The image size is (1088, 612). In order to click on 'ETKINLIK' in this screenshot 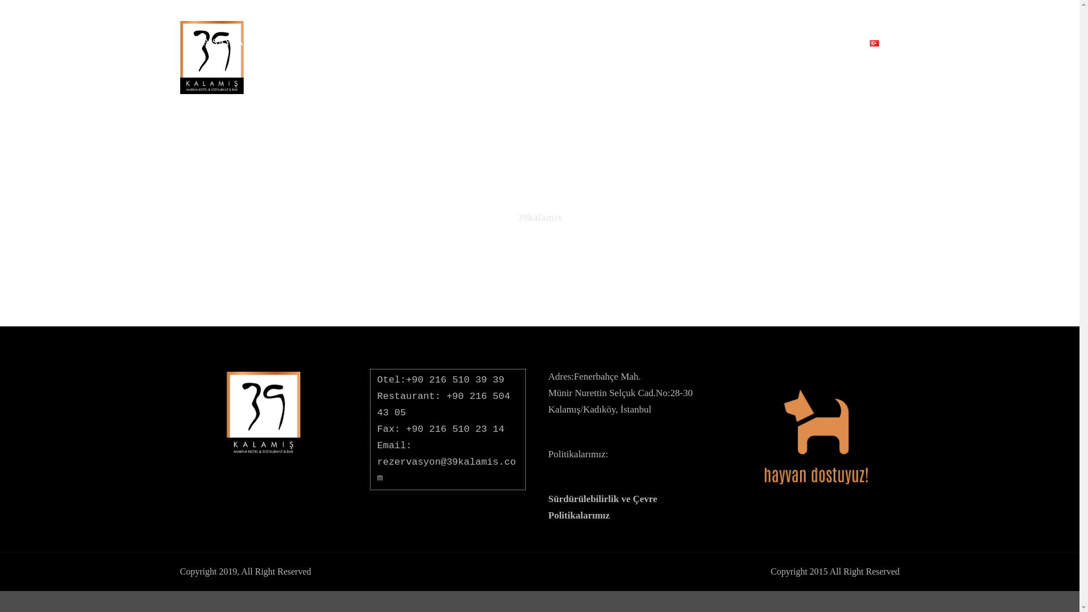, I will do `click(596, 49)`.